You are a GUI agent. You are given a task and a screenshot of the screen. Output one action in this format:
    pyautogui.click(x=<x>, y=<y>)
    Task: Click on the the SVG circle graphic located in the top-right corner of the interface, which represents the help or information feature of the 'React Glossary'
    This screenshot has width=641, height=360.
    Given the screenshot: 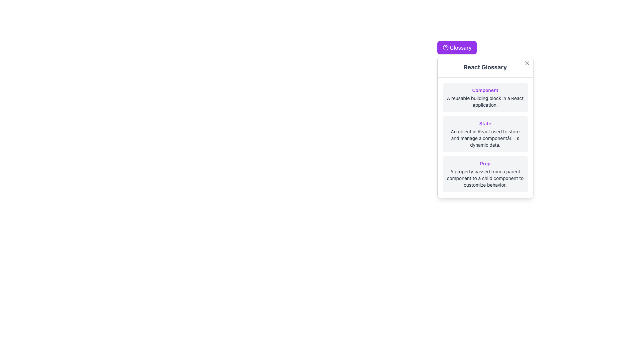 What is the action you would take?
    pyautogui.click(x=445, y=47)
    